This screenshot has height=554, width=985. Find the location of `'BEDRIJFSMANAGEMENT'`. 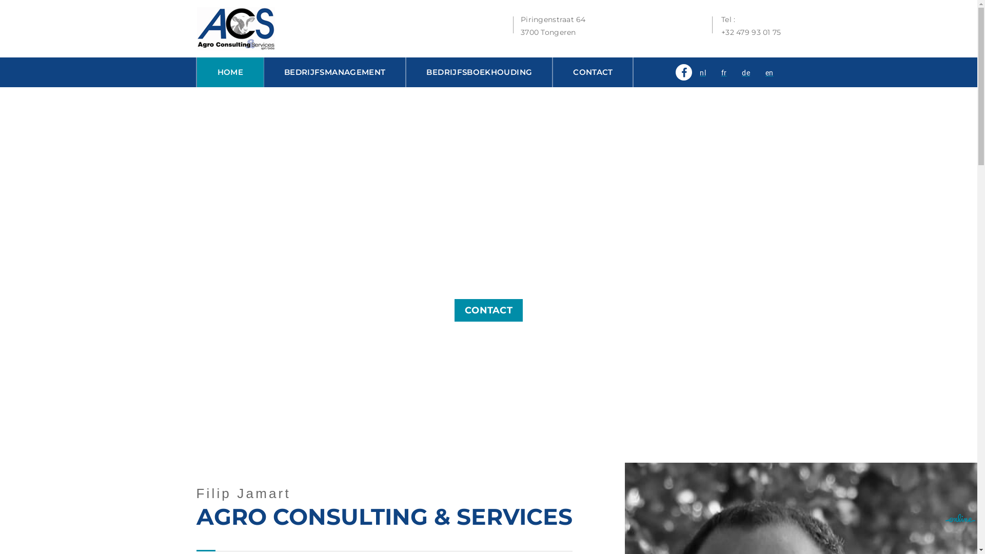

'BEDRIJFSMANAGEMENT' is located at coordinates (334, 72).